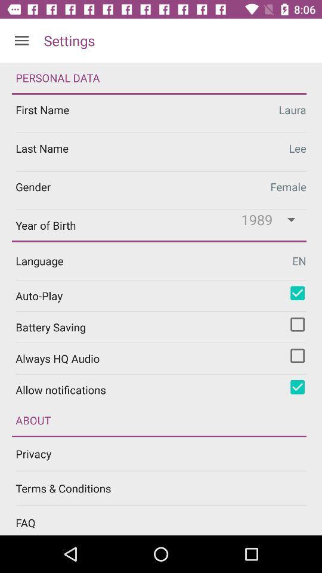 The height and width of the screenshot is (573, 322). Describe the element at coordinates (161, 261) in the screenshot. I see `language` at that location.